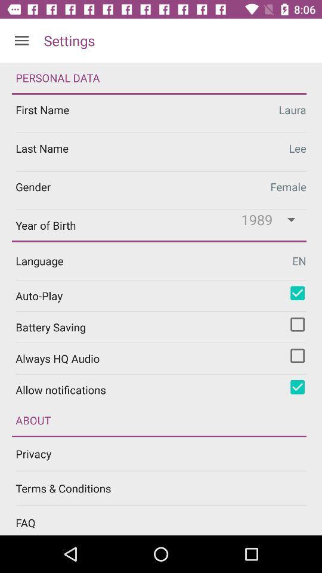 The height and width of the screenshot is (573, 322). Describe the element at coordinates (161, 261) in the screenshot. I see `language` at that location.